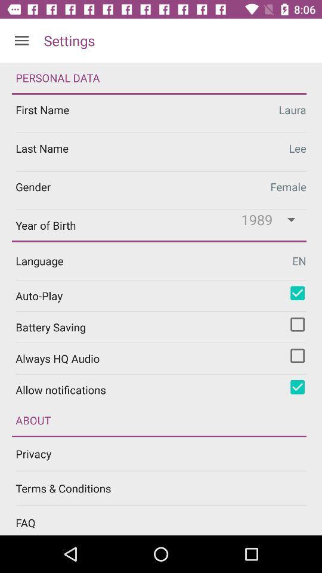 The height and width of the screenshot is (573, 322). Describe the element at coordinates (161, 261) in the screenshot. I see `language` at that location.